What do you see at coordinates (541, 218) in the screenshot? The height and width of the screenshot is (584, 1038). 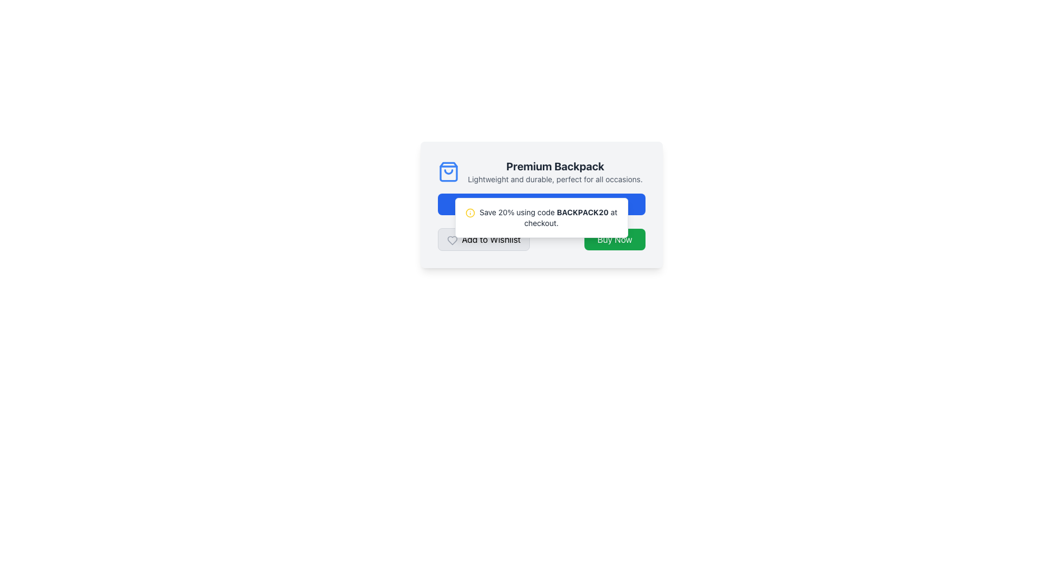 I see `the informational Text Label with Icon that displays a 20% discount and checkout code, which is centrally located above the main interface content` at bounding box center [541, 218].